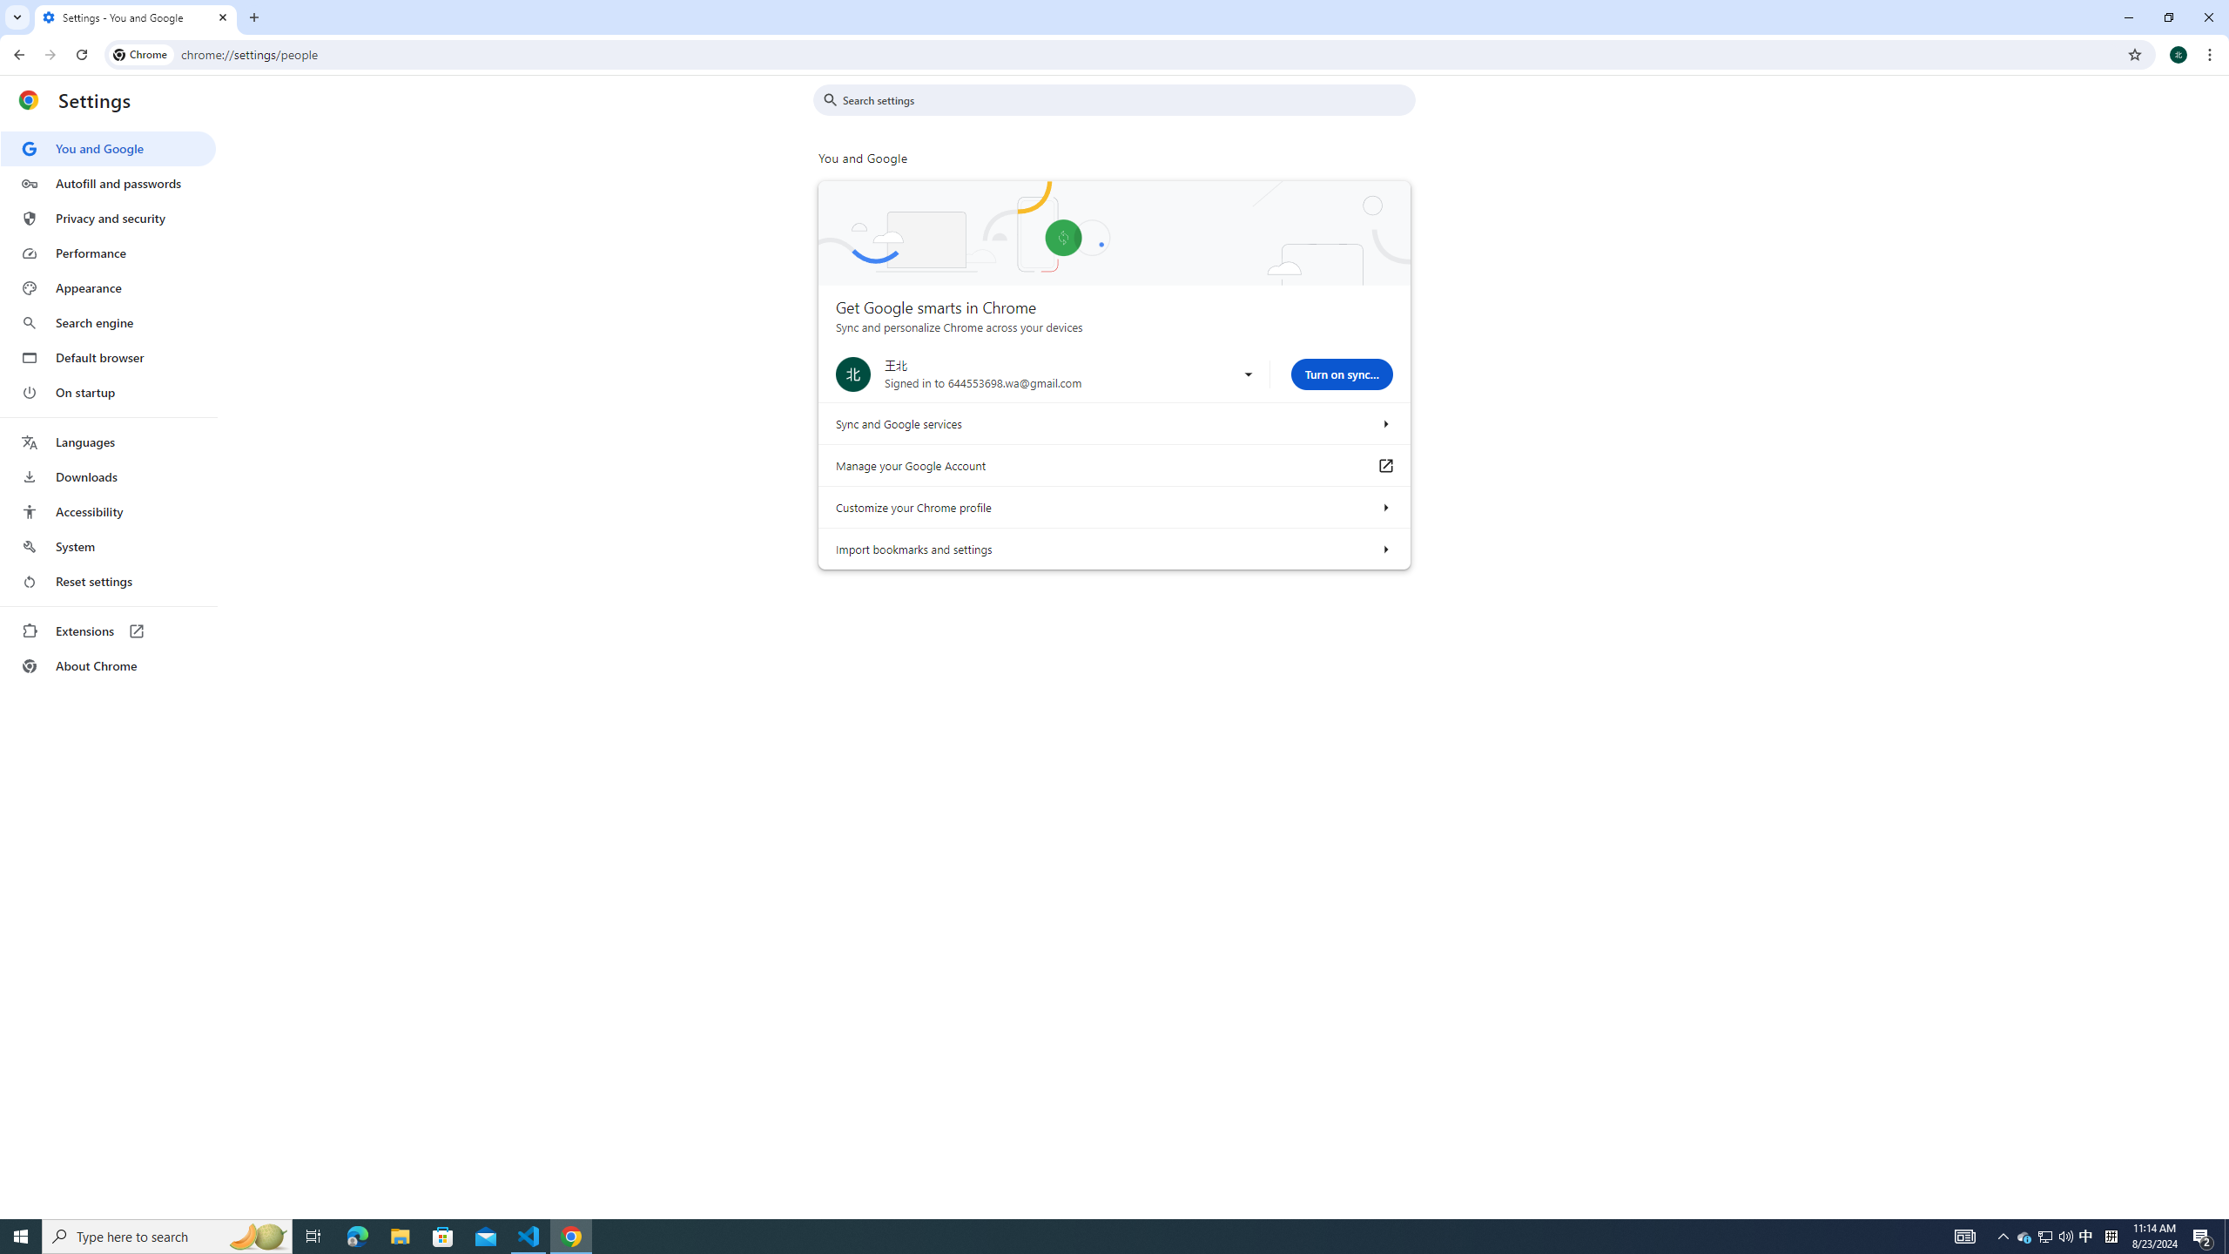  Describe the element at coordinates (109, 407) in the screenshot. I see `'AutomationID: menu'` at that location.